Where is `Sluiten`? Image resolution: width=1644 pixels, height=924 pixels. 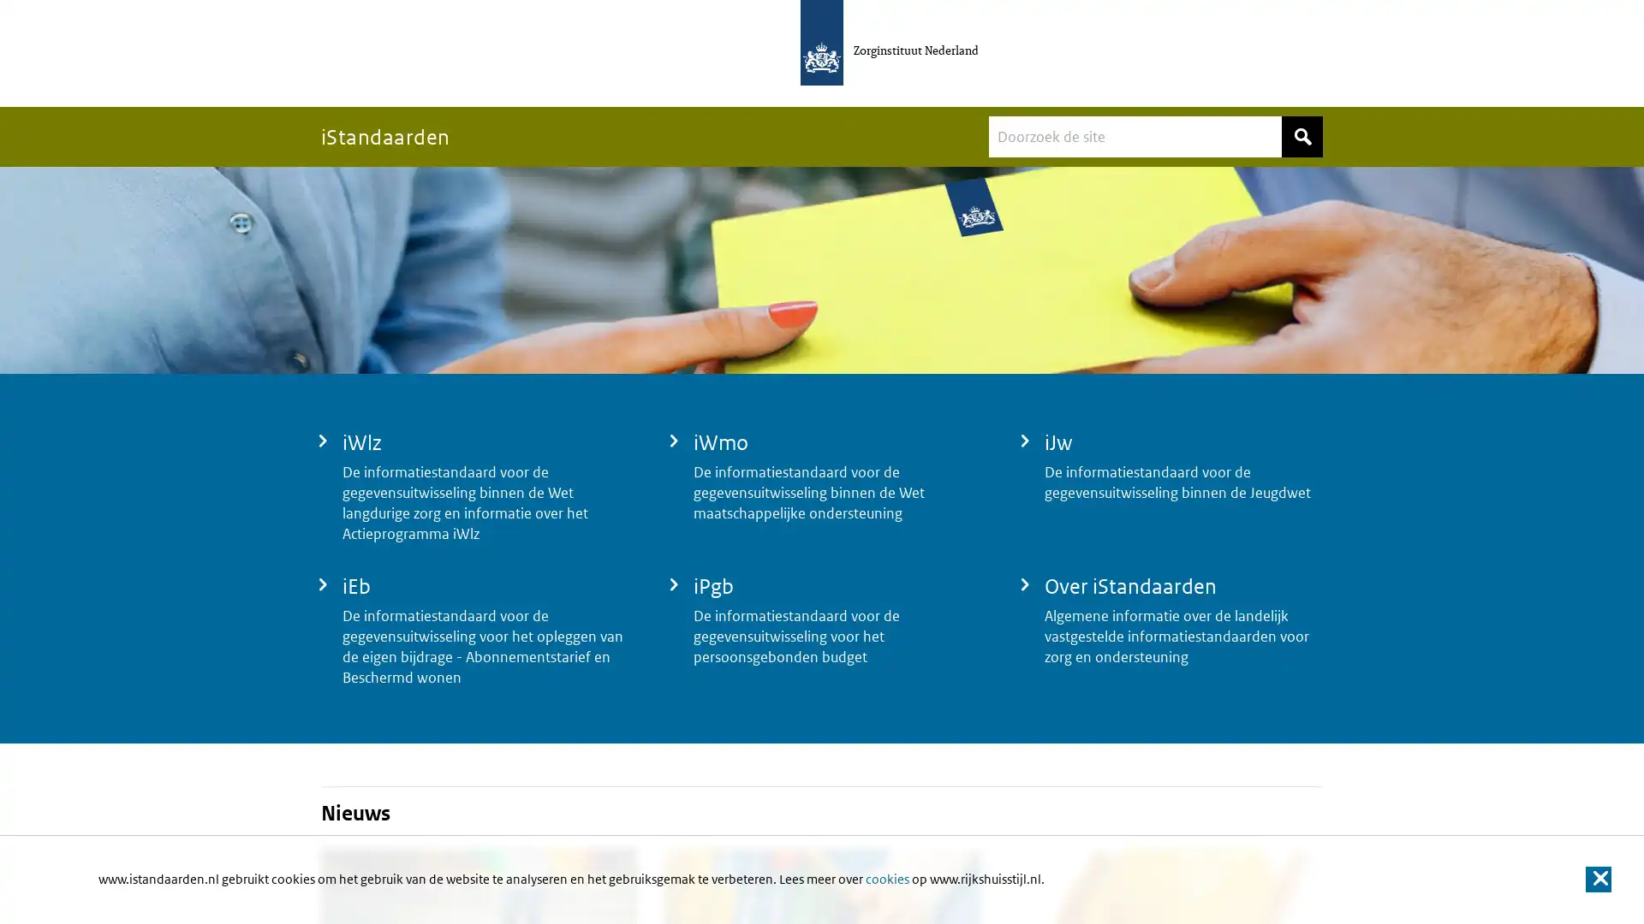 Sluiten is located at coordinates (1597, 880).